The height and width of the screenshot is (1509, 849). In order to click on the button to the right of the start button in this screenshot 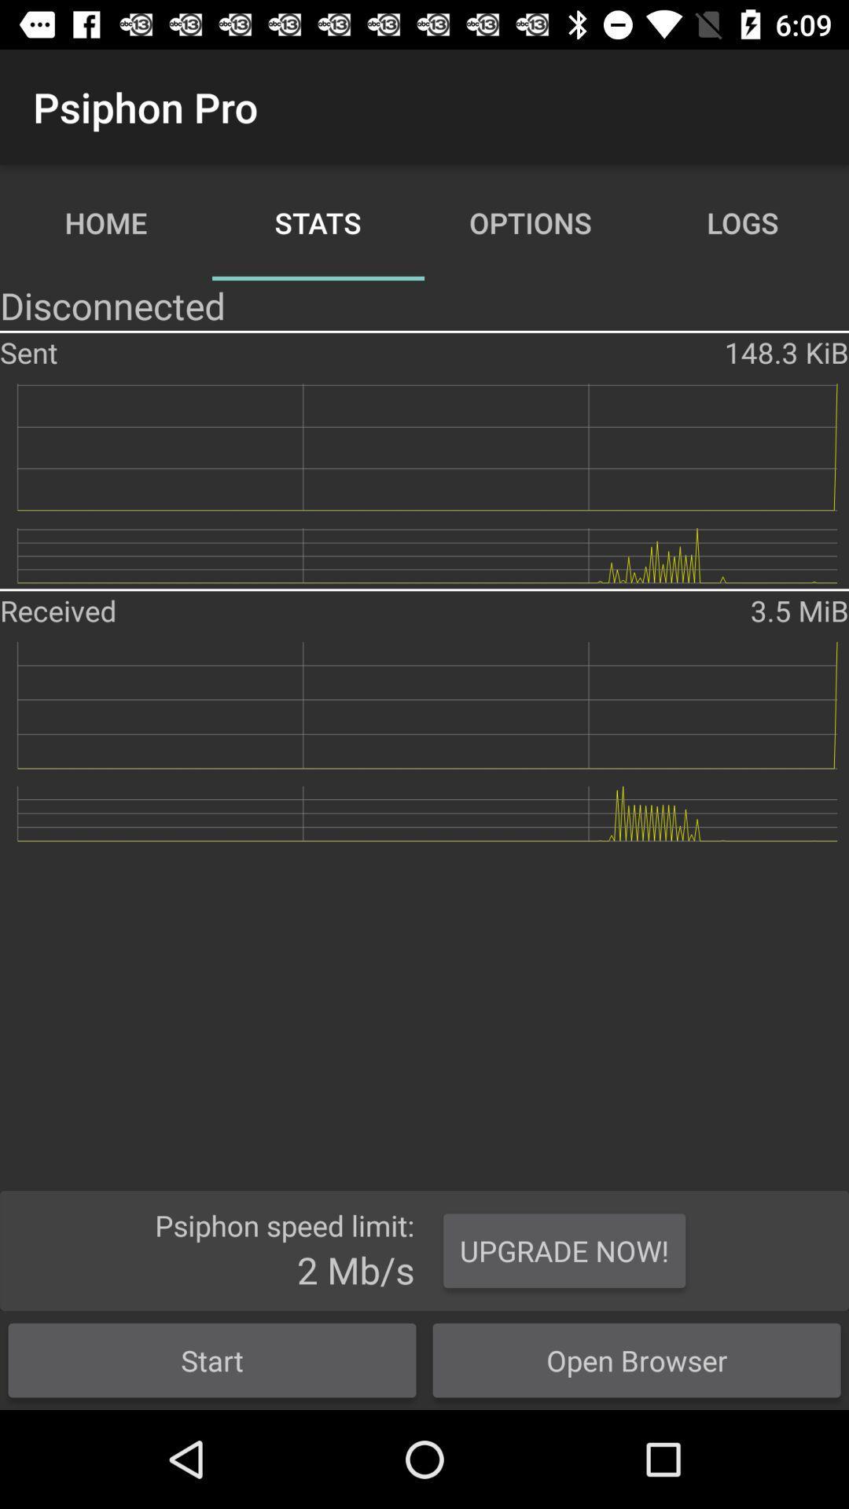, I will do `click(637, 1360)`.